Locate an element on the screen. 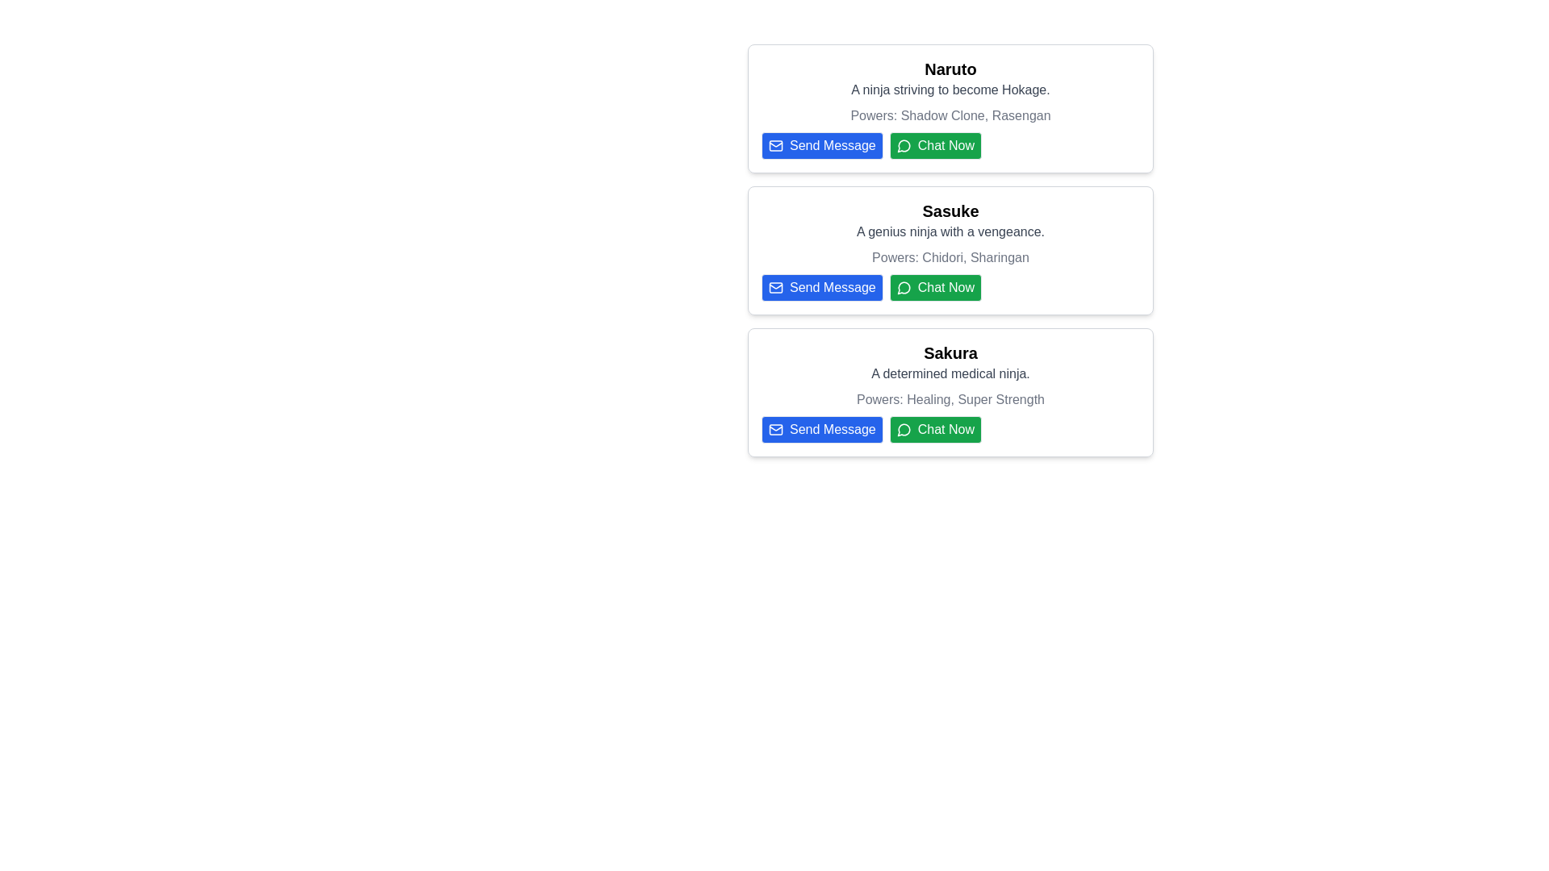  the chat button located in the bottom-right section of the Sasuke user card to initiate a chat conversation is located at coordinates (935, 287).